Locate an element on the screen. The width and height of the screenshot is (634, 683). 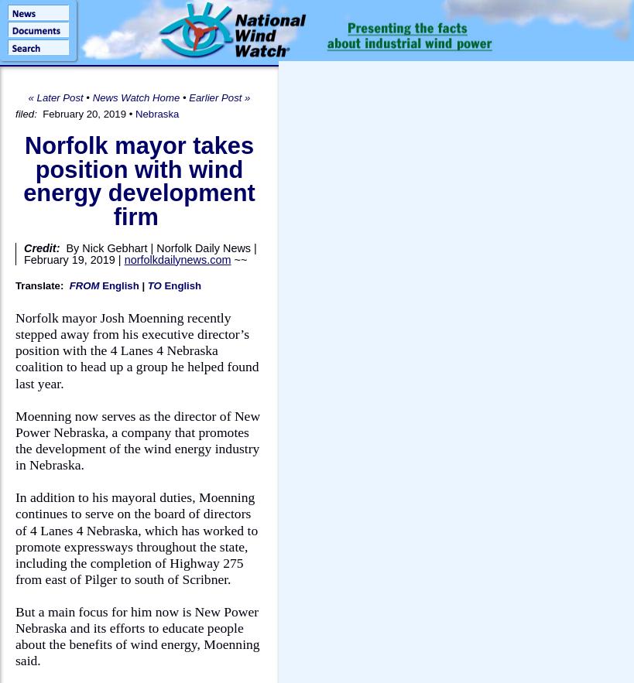
'filed:' is located at coordinates (26, 114).